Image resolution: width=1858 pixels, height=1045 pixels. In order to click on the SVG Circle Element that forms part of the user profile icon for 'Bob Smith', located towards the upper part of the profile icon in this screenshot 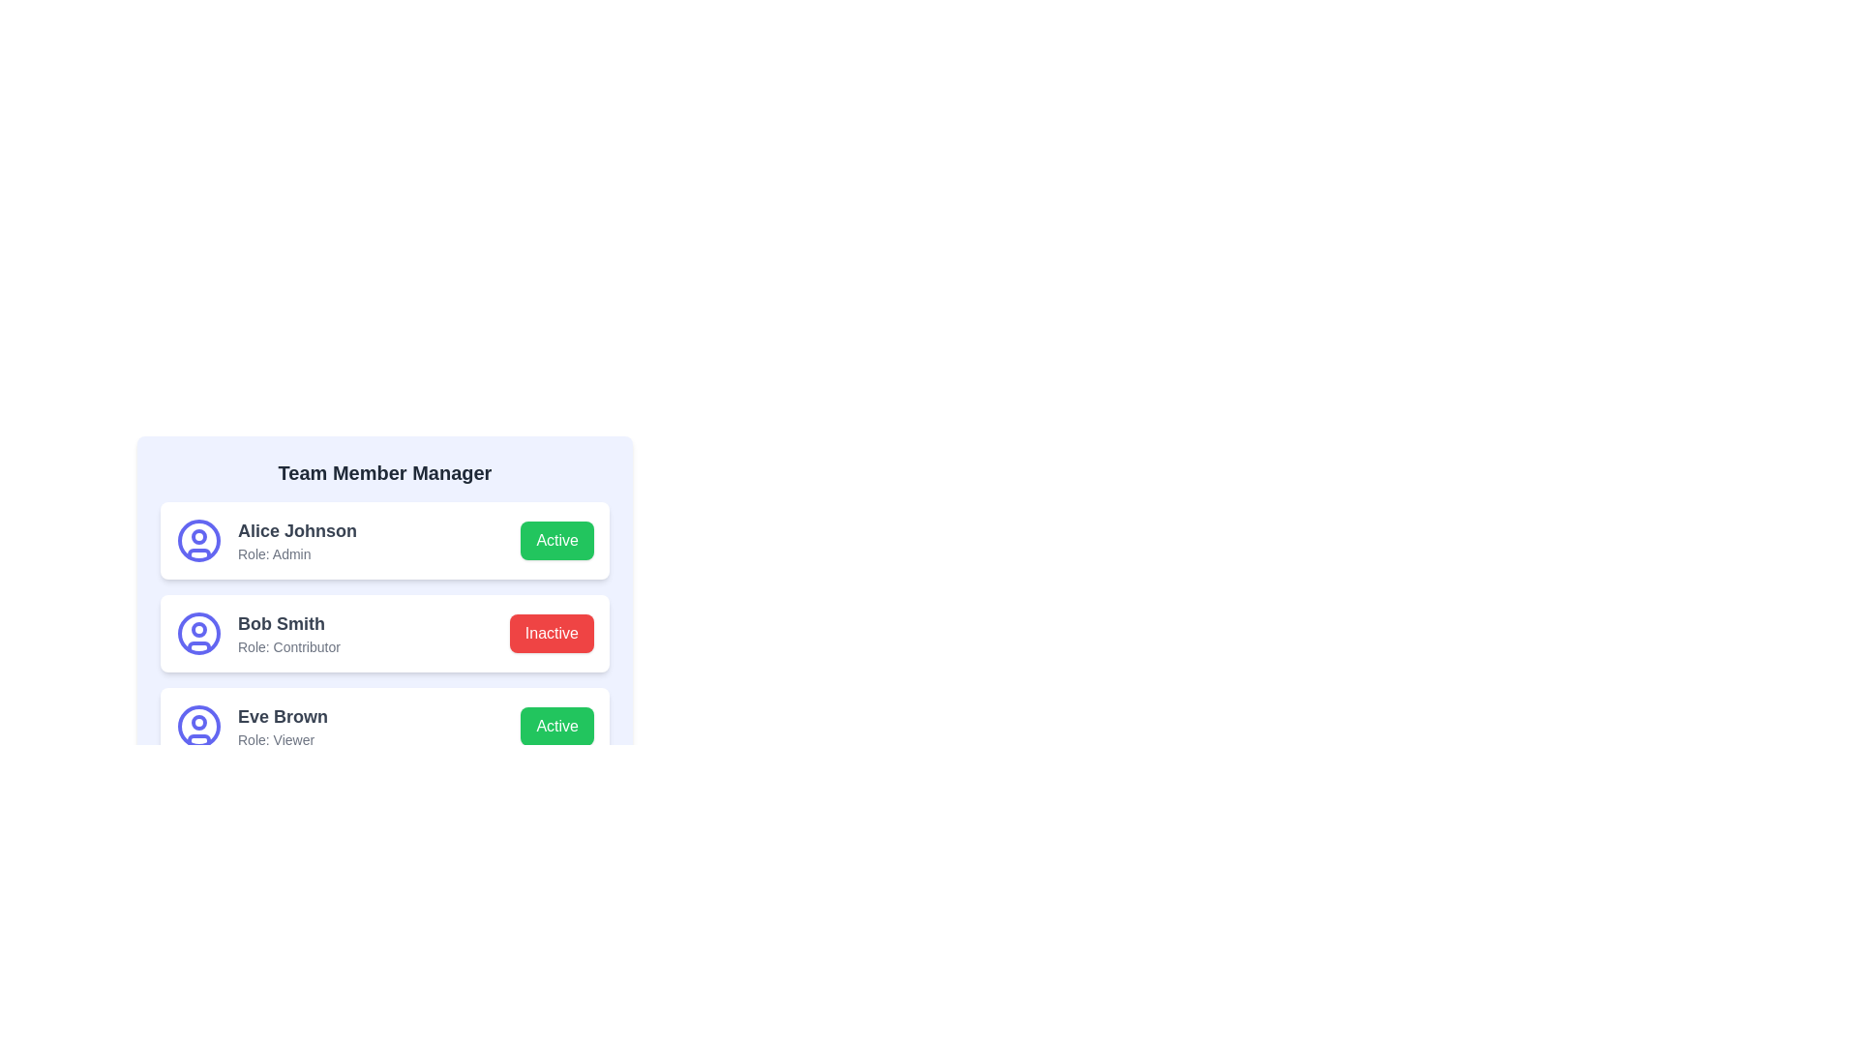, I will do `click(199, 630)`.